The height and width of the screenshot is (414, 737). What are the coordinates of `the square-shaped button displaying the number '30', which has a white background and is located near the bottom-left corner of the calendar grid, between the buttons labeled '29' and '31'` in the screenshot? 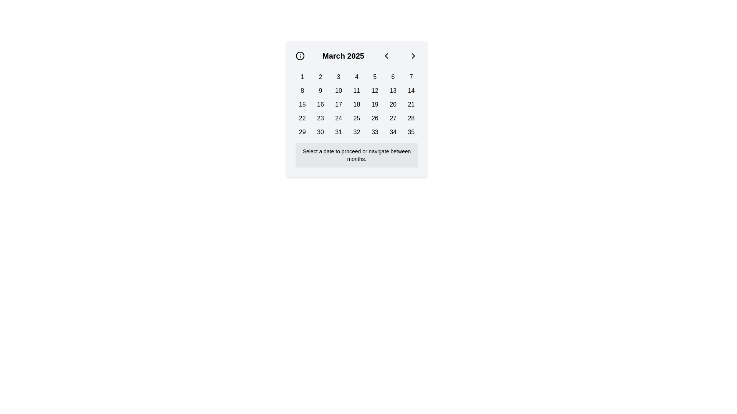 It's located at (321, 131).